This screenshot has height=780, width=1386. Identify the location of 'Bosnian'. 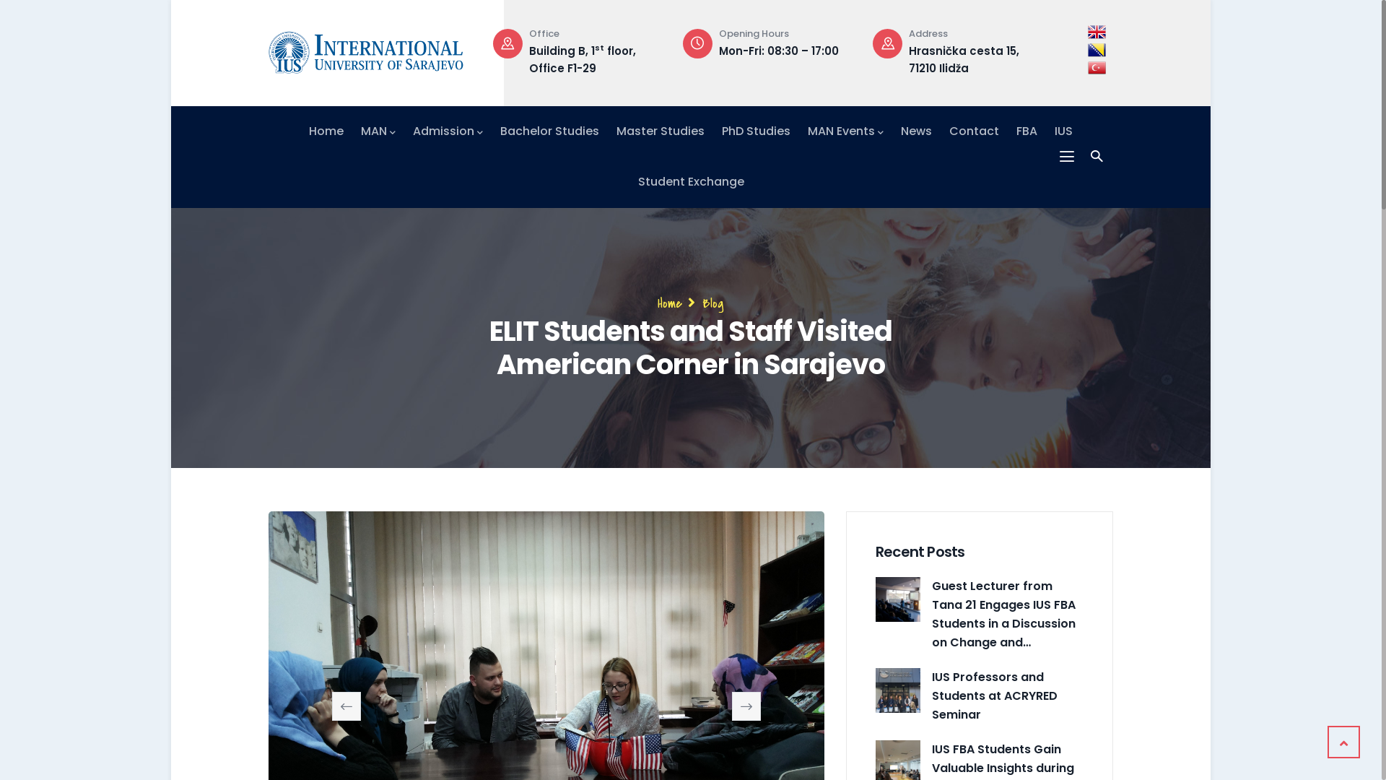
(1088, 49).